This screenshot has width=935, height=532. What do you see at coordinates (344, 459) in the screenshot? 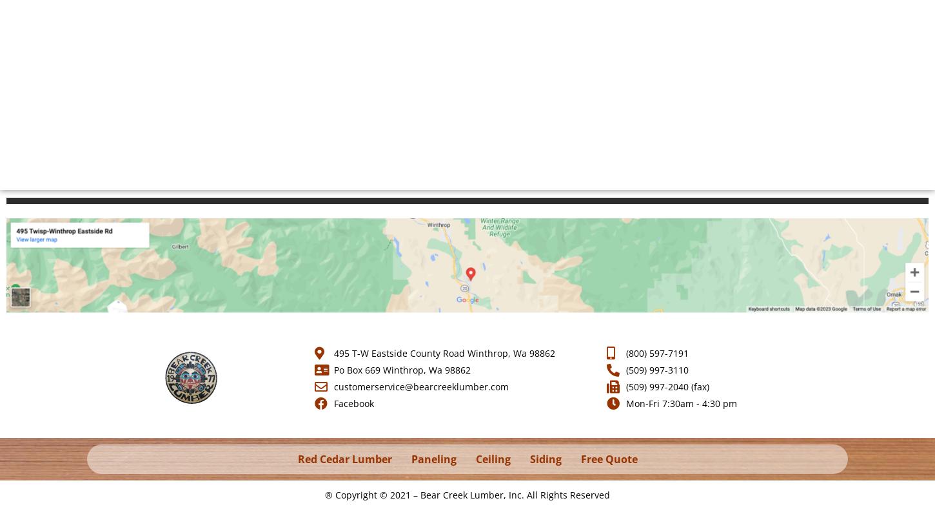
I see `'Red Cedar Lumber'` at bounding box center [344, 459].